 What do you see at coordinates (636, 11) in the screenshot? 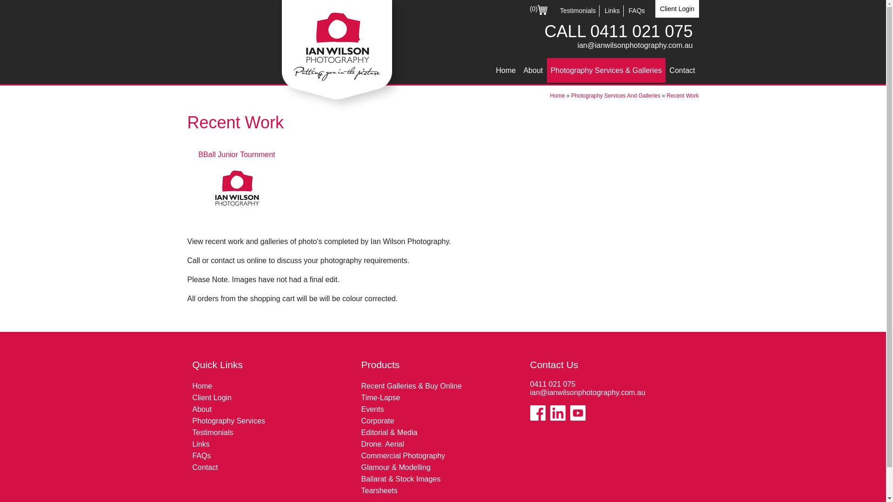
I see `'FAQs'` at bounding box center [636, 11].